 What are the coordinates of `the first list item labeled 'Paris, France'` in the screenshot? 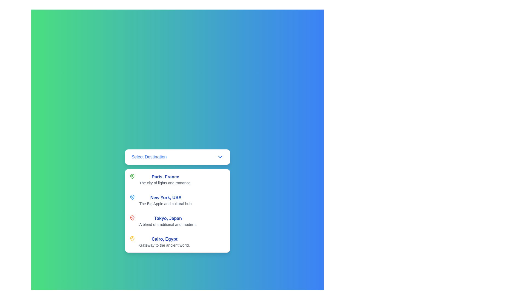 It's located at (177, 180).